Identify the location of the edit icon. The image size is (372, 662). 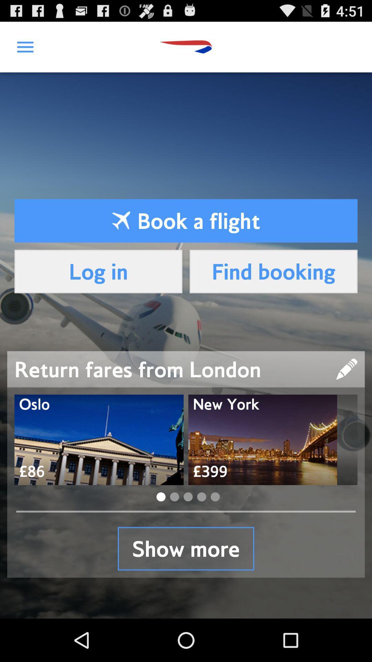
(347, 395).